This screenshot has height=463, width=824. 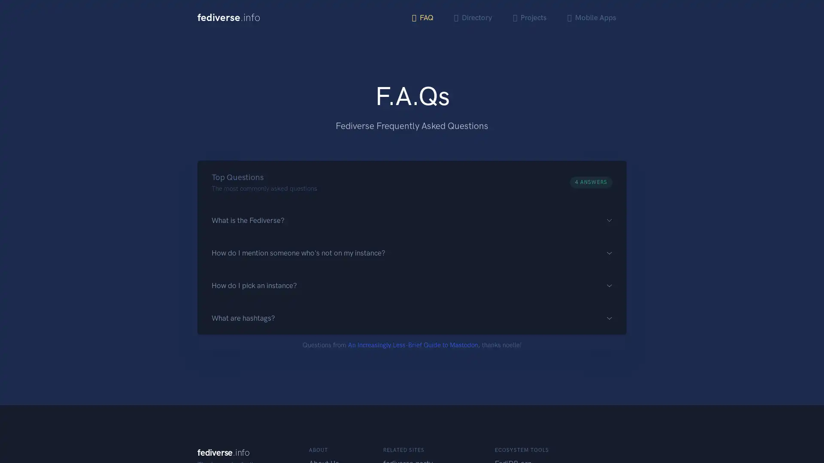 What do you see at coordinates (412, 286) in the screenshot?
I see `How do I pick an instance?` at bounding box center [412, 286].